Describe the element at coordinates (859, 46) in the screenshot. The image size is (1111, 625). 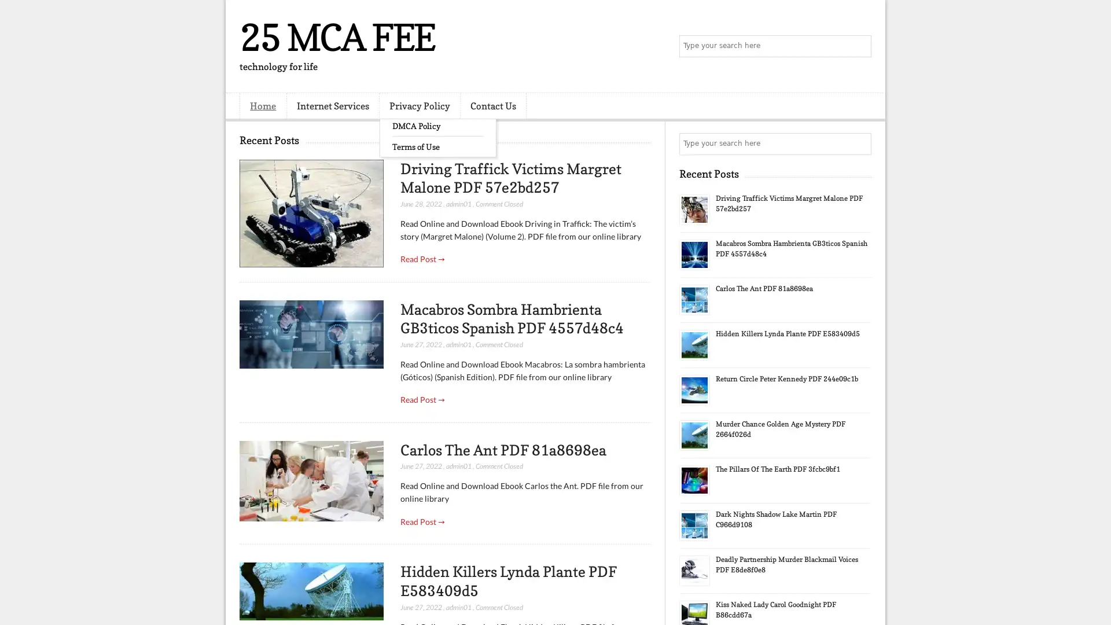
I see `Search` at that location.